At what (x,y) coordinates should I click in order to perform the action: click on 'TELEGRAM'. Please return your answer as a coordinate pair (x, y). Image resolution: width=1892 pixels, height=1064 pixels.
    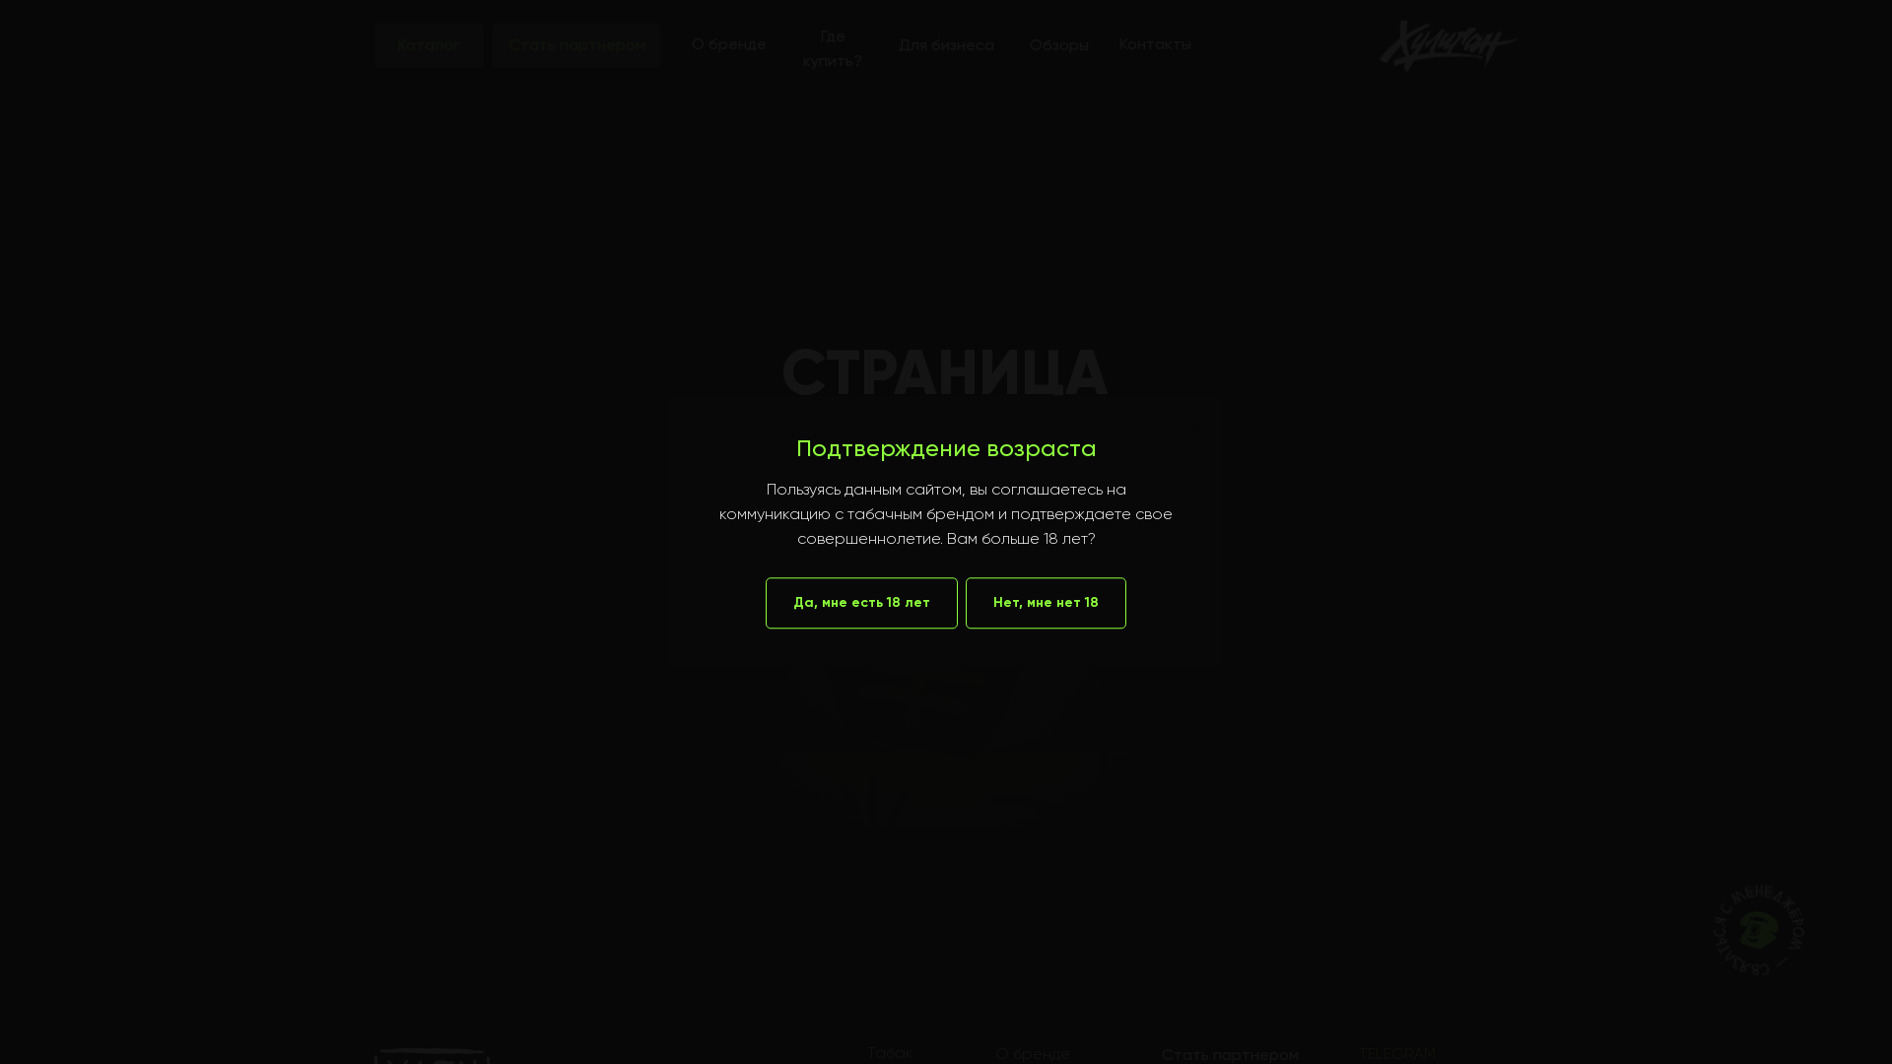
    Looking at the image, I should click on (1395, 1054).